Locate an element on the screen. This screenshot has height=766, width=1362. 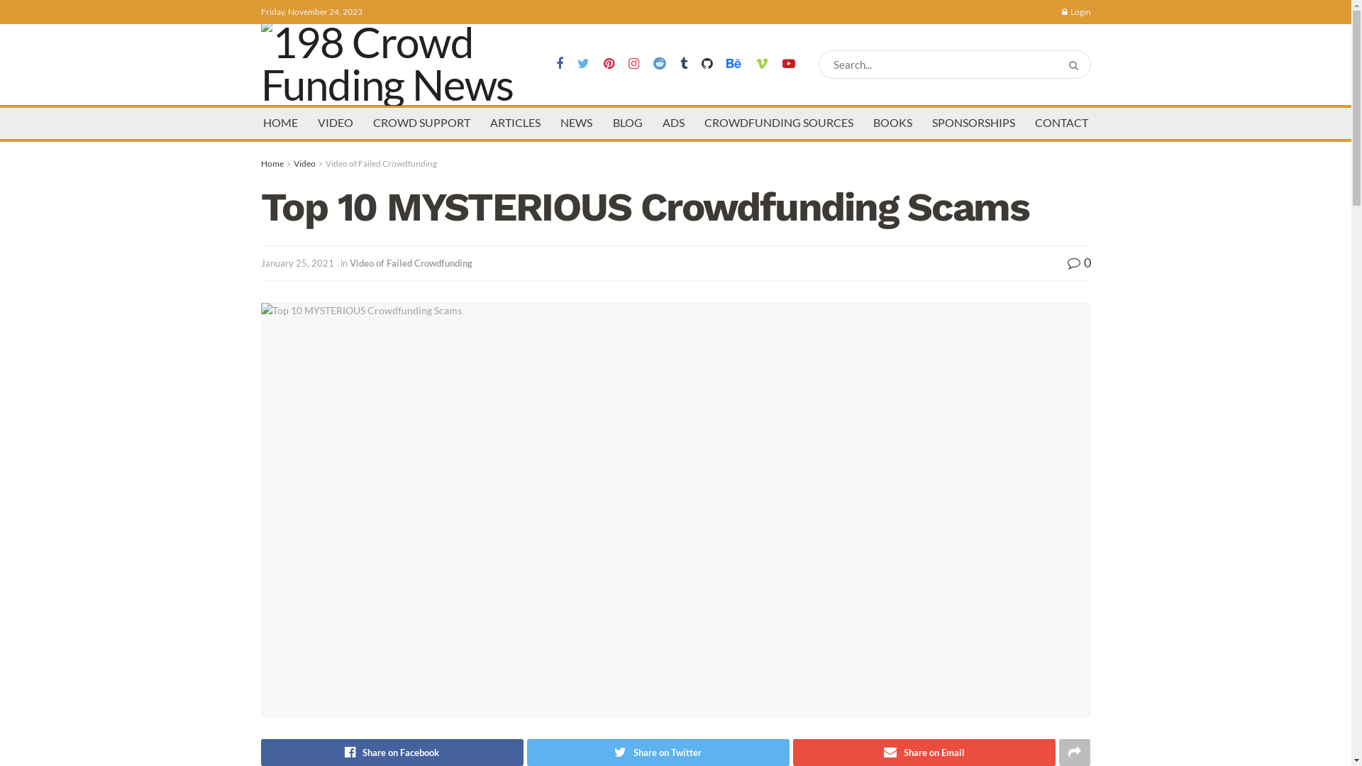
'January 25, 2021' is located at coordinates (297, 262).